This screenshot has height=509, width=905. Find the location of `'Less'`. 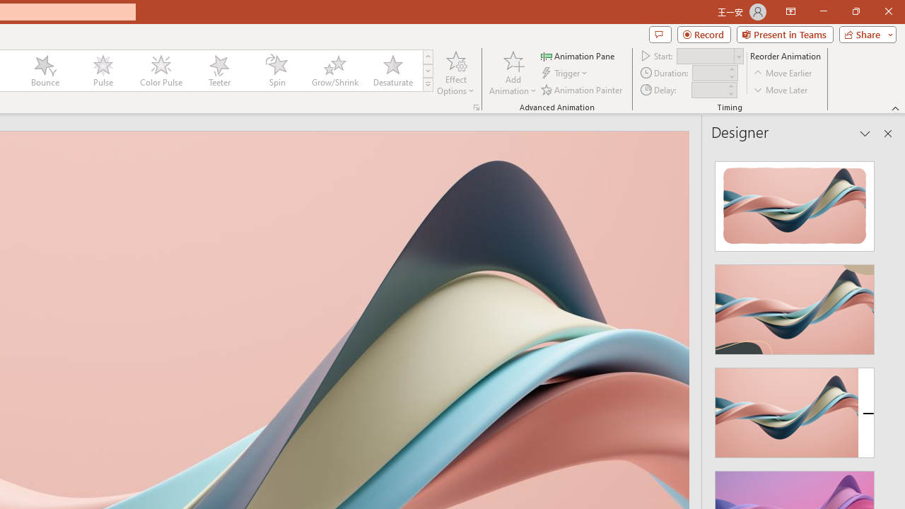

'Less' is located at coordinates (730, 93).